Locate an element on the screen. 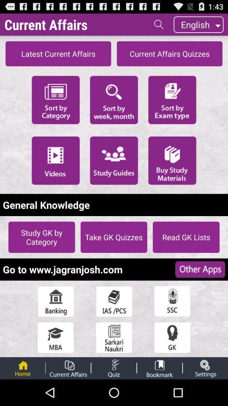 The image size is (228, 406). icon above the current affairs quizzes button is located at coordinates (159, 24).